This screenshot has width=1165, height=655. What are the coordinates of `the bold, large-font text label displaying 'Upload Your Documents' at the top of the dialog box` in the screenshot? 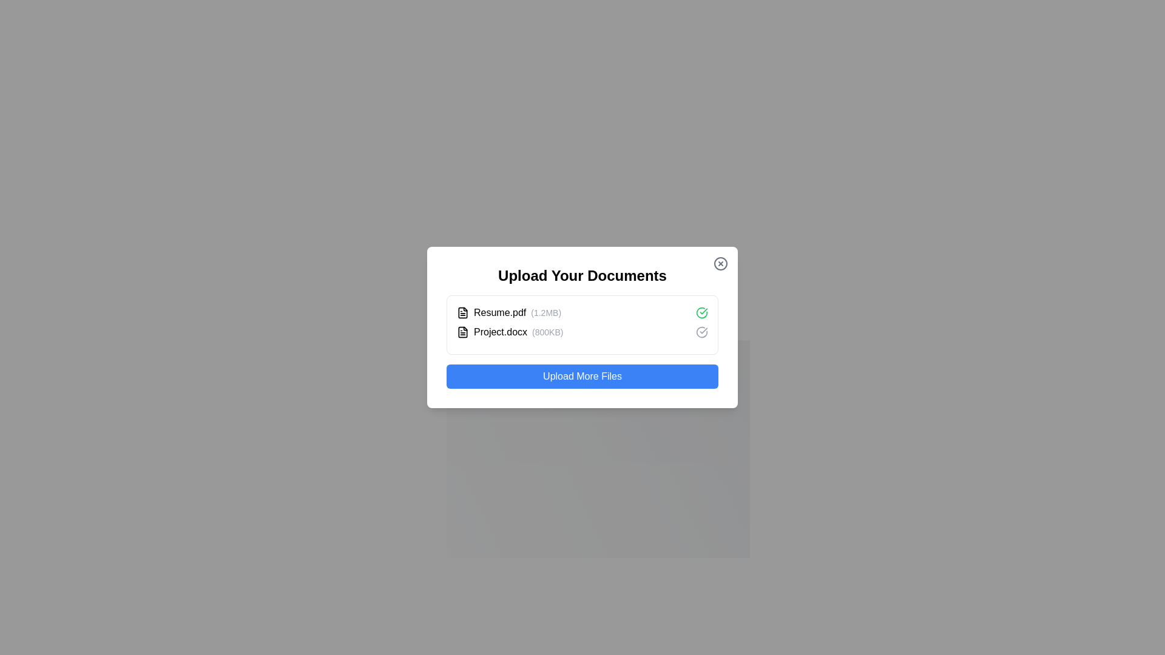 It's located at (582, 276).